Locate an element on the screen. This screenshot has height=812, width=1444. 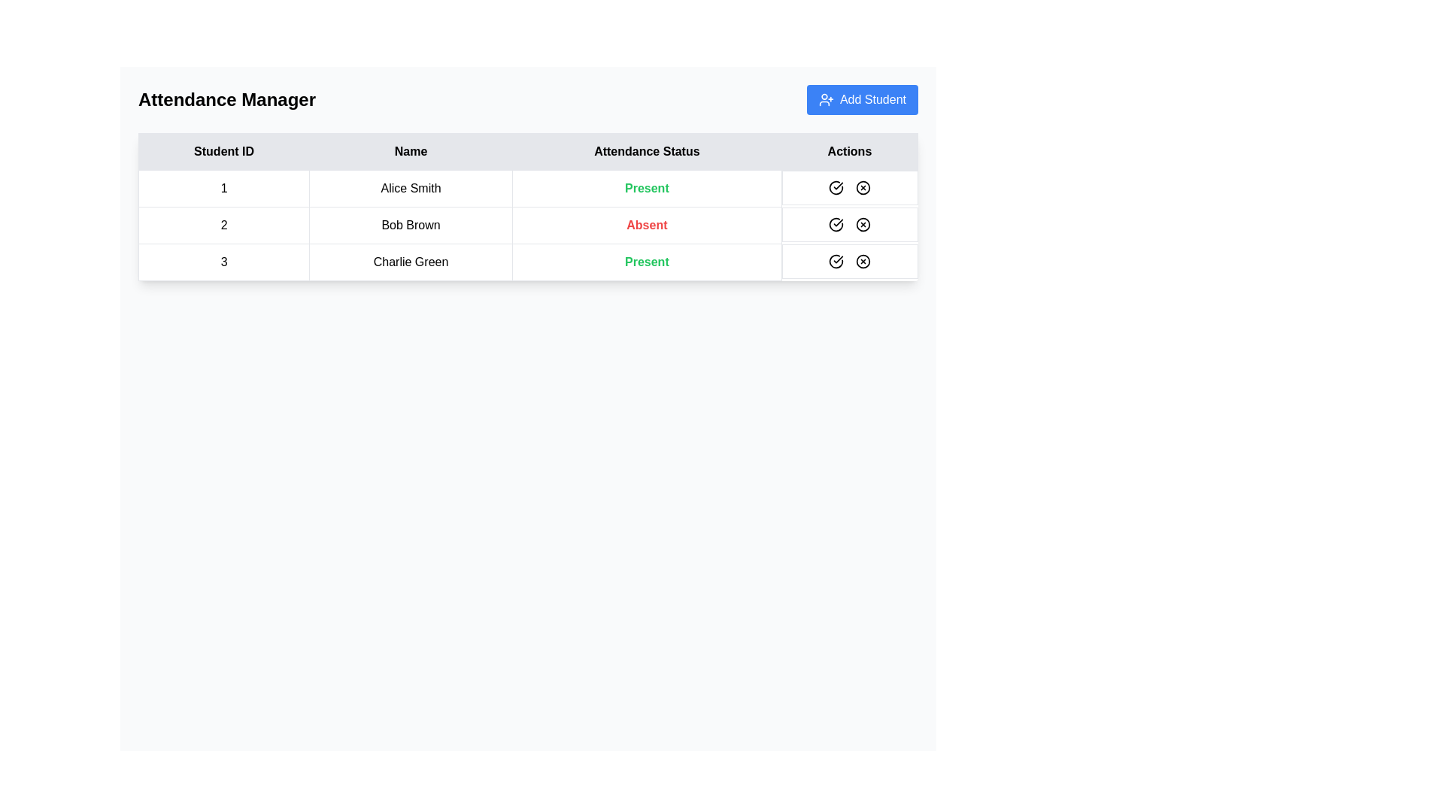
the circular graphical icon component located in the Action column of the second row associated with the entry labeled 'Bob Brown' is located at coordinates (863, 224).